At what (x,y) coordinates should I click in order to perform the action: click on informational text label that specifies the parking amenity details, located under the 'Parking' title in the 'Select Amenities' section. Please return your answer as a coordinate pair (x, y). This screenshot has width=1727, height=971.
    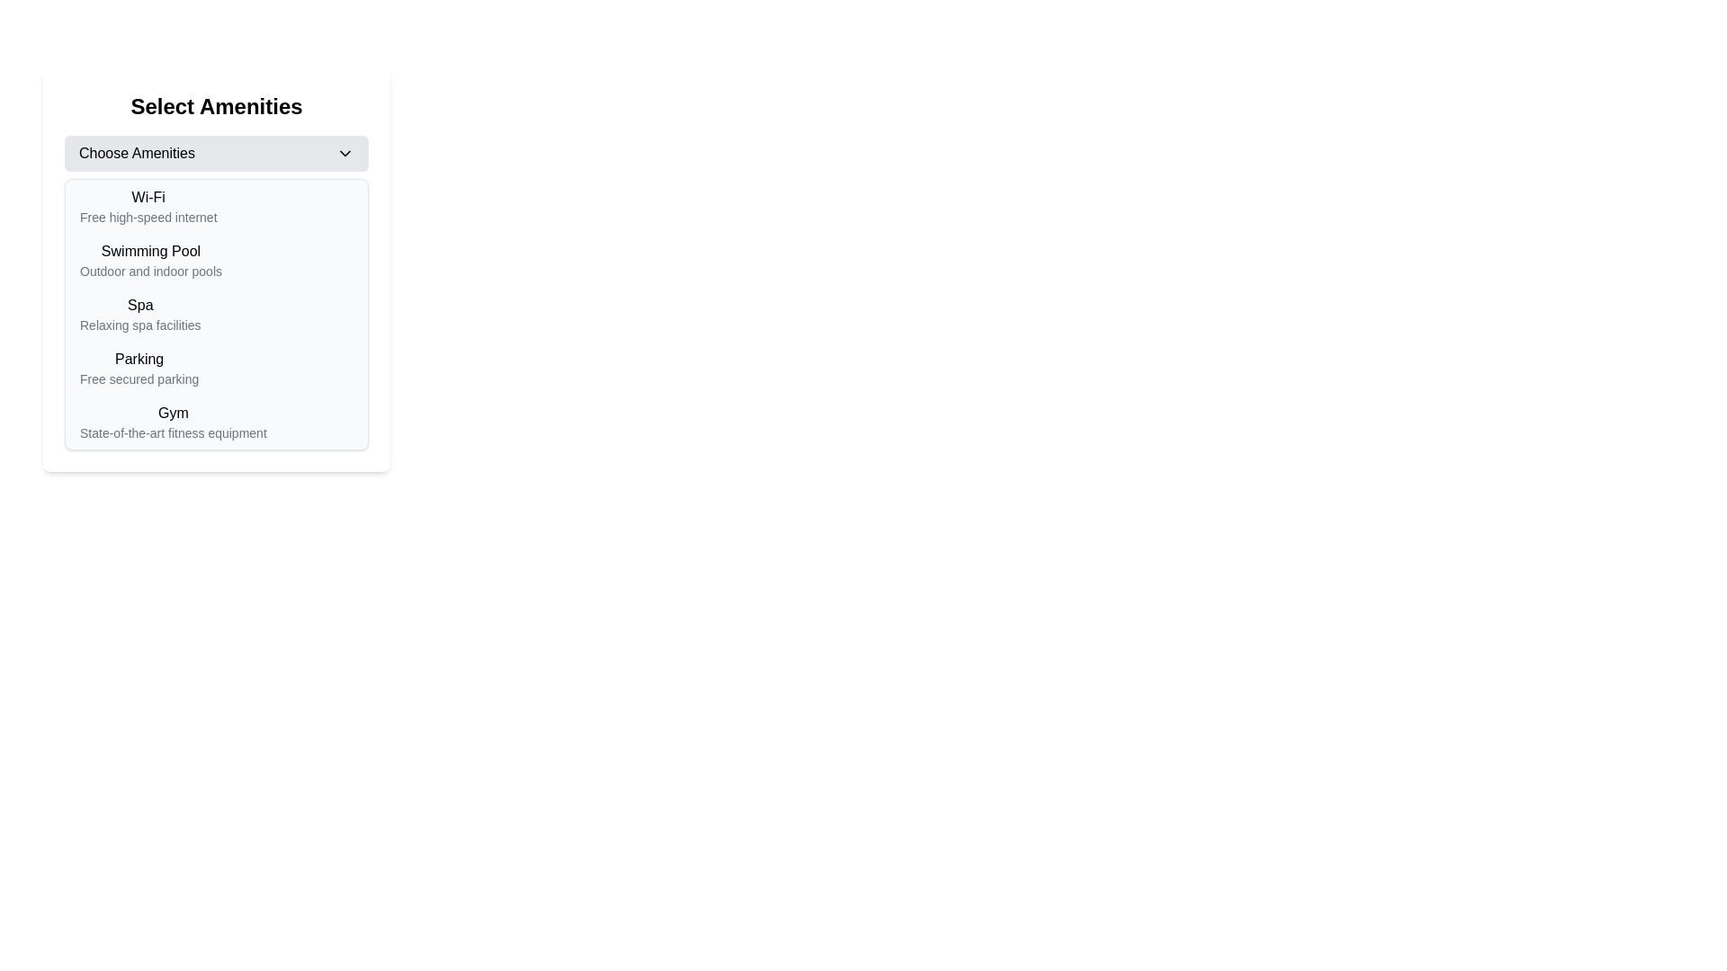
    Looking at the image, I should click on (139, 378).